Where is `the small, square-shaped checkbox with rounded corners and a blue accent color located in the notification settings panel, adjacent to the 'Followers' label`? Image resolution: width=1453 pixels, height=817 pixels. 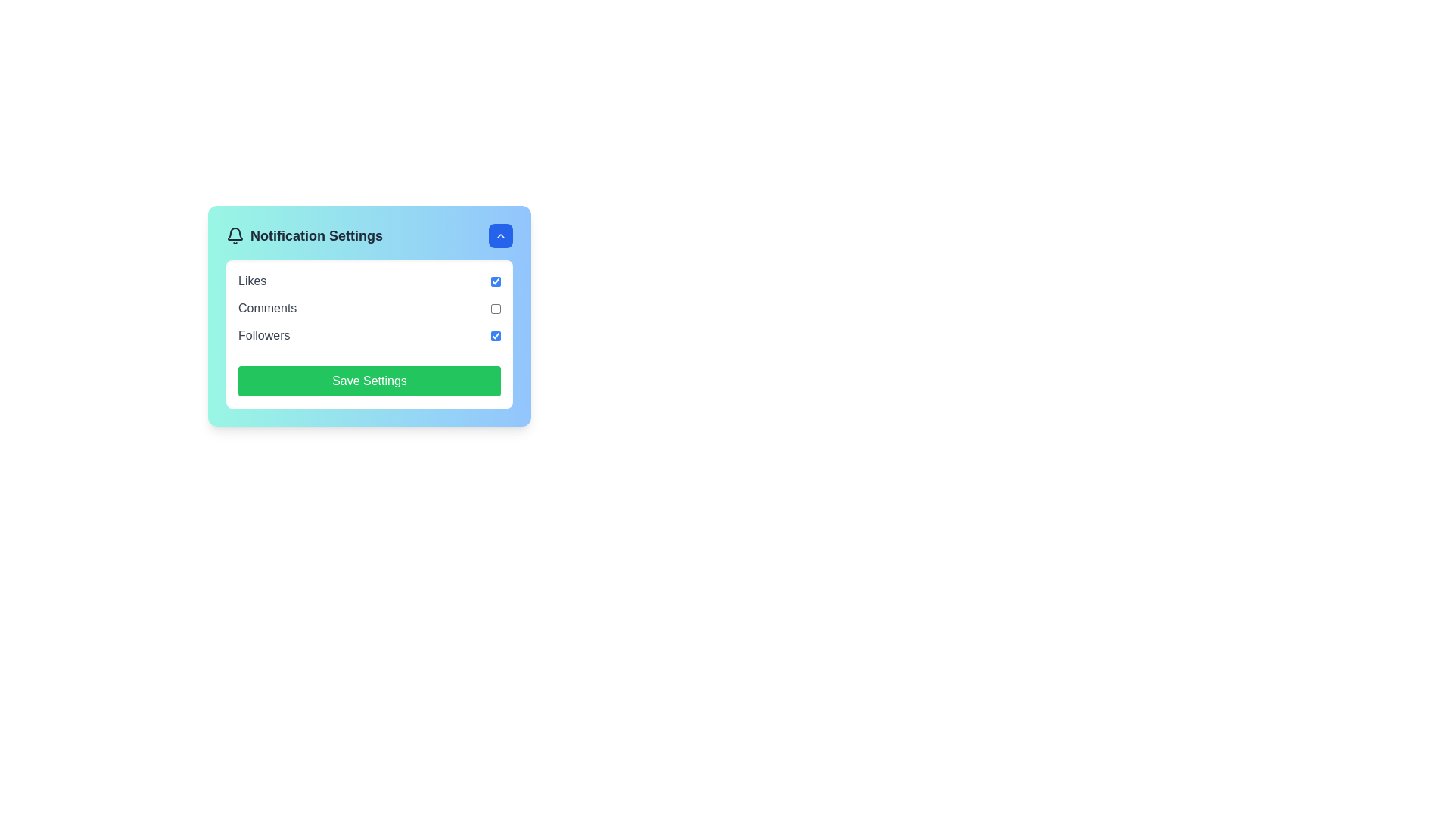 the small, square-shaped checkbox with rounded corners and a blue accent color located in the notification settings panel, adjacent to the 'Followers' label is located at coordinates (496, 334).